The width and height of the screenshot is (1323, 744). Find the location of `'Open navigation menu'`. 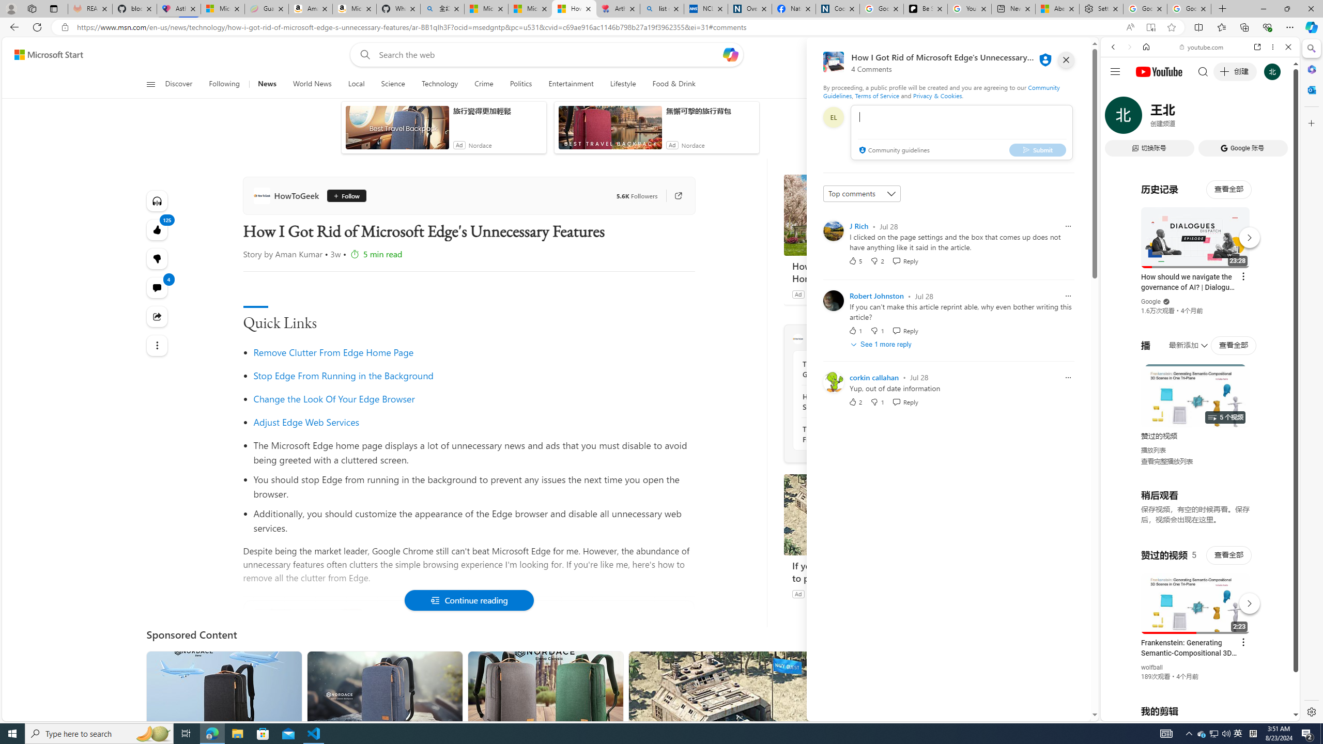

'Open navigation menu' is located at coordinates (149, 83).